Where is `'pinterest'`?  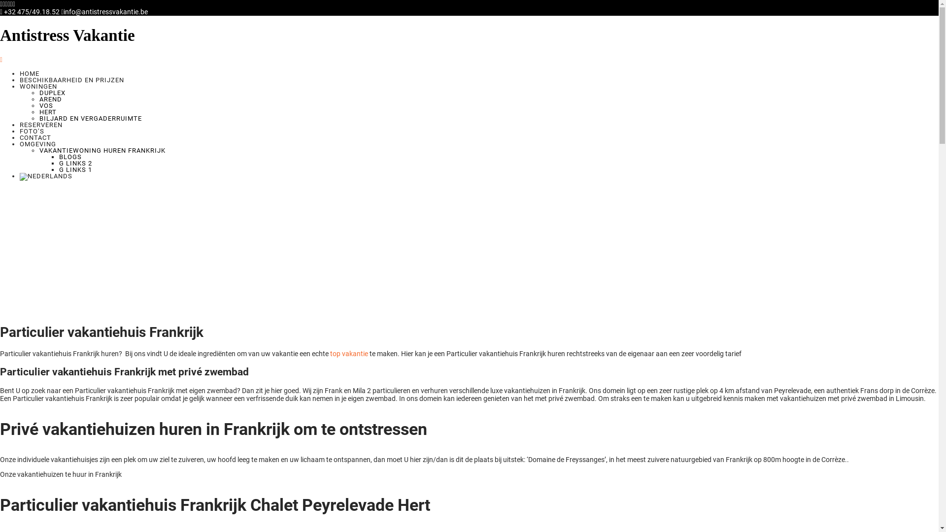 'pinterest' is located at coordinates (11, 4).